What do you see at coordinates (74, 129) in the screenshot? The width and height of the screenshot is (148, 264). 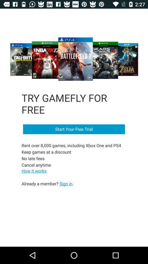 I see `start your free` at bounding box center [74, 129].